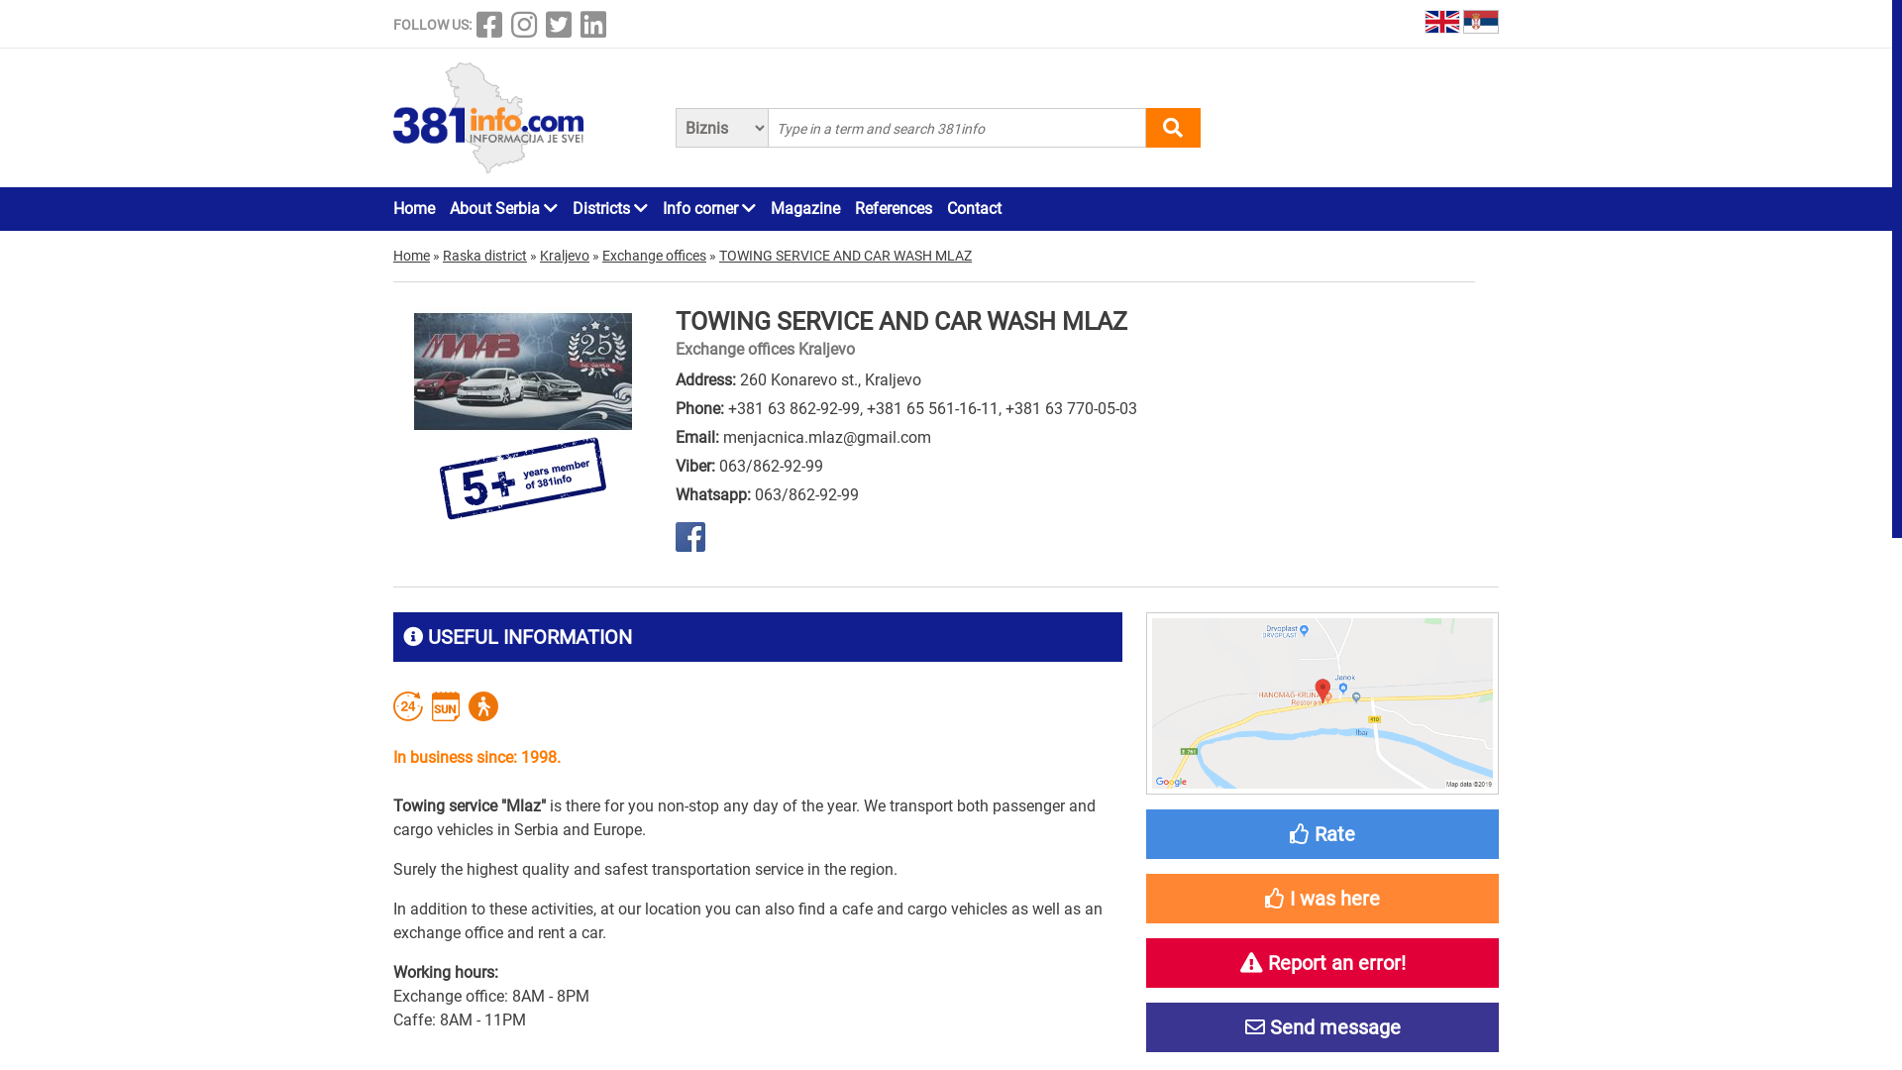 This screenshot has height=1070, width=1902. Describe the element at coordinates (804, 209) in the screenshot. I see `'Magazine'` at that location.